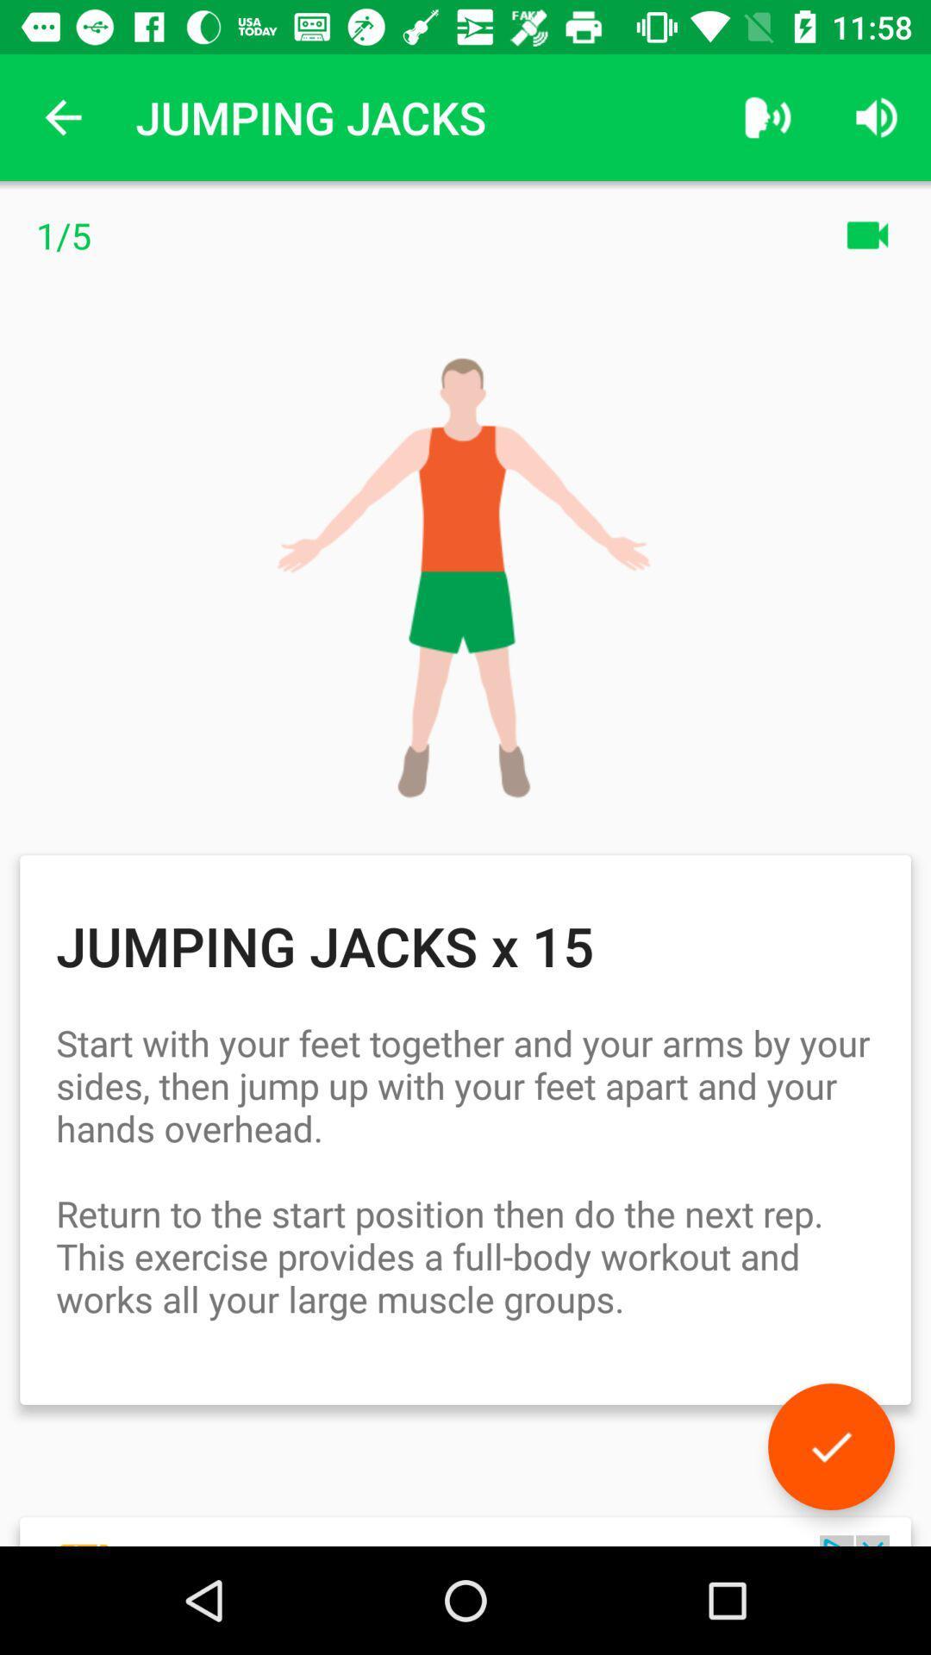  What do you see at coordinates (767, 116) in the screenshot?
I see `the app next to jumping jacks item` at bounding box center [767, 116].